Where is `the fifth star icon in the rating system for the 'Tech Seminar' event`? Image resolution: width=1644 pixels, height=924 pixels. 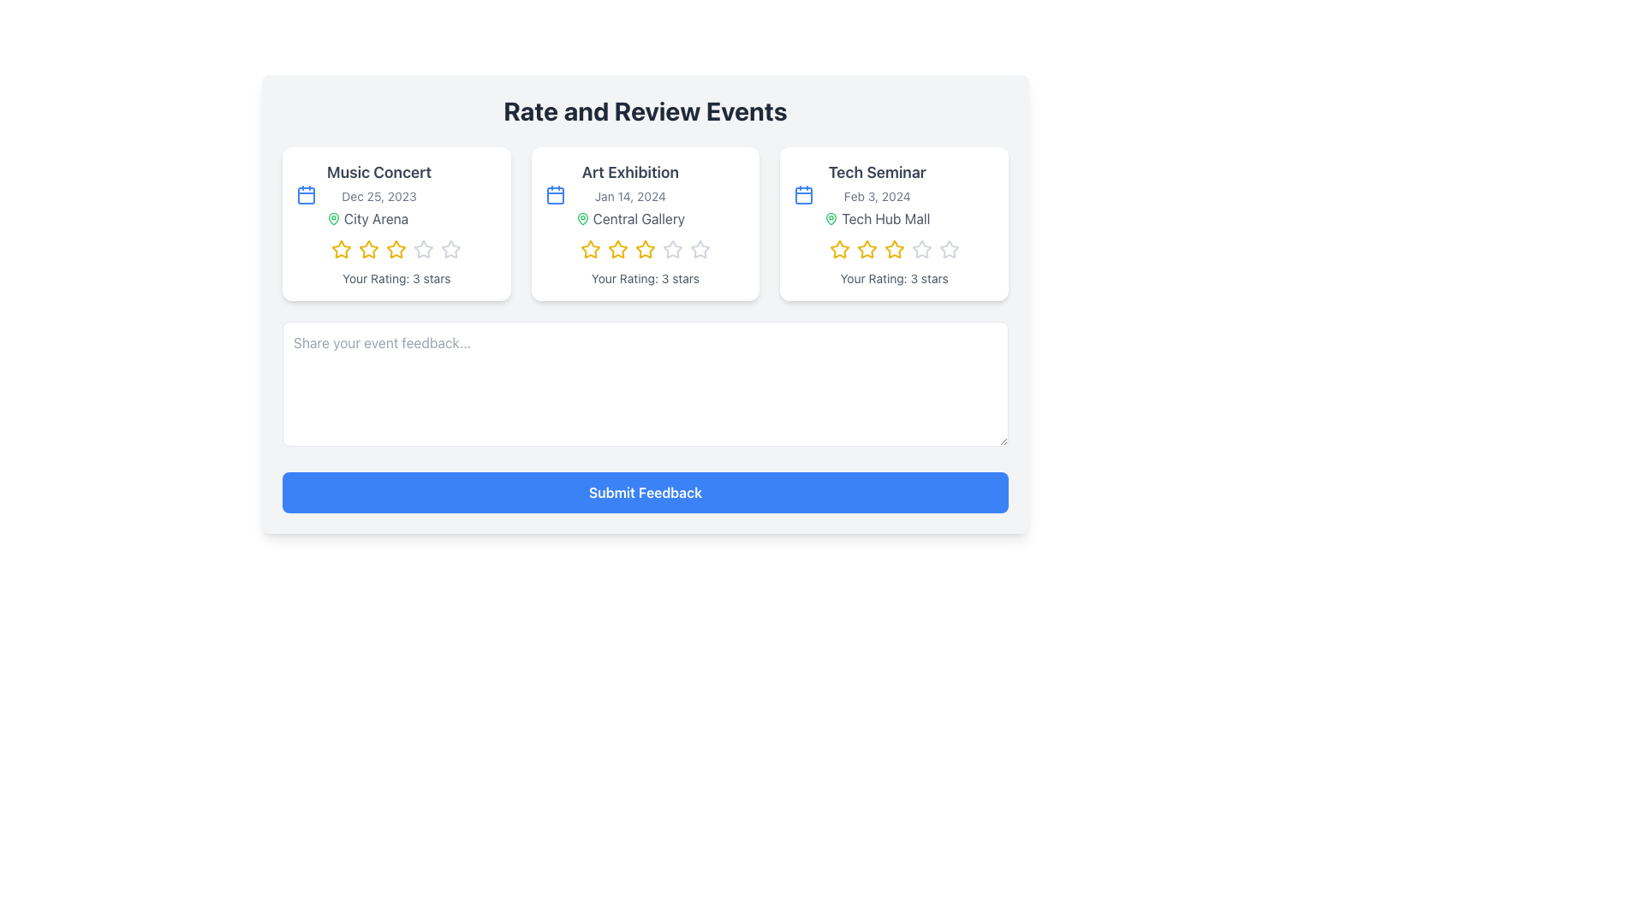 the fifth star icon in the rating system for the 'Tech Seminar' event is located at coordinates (920, 249).